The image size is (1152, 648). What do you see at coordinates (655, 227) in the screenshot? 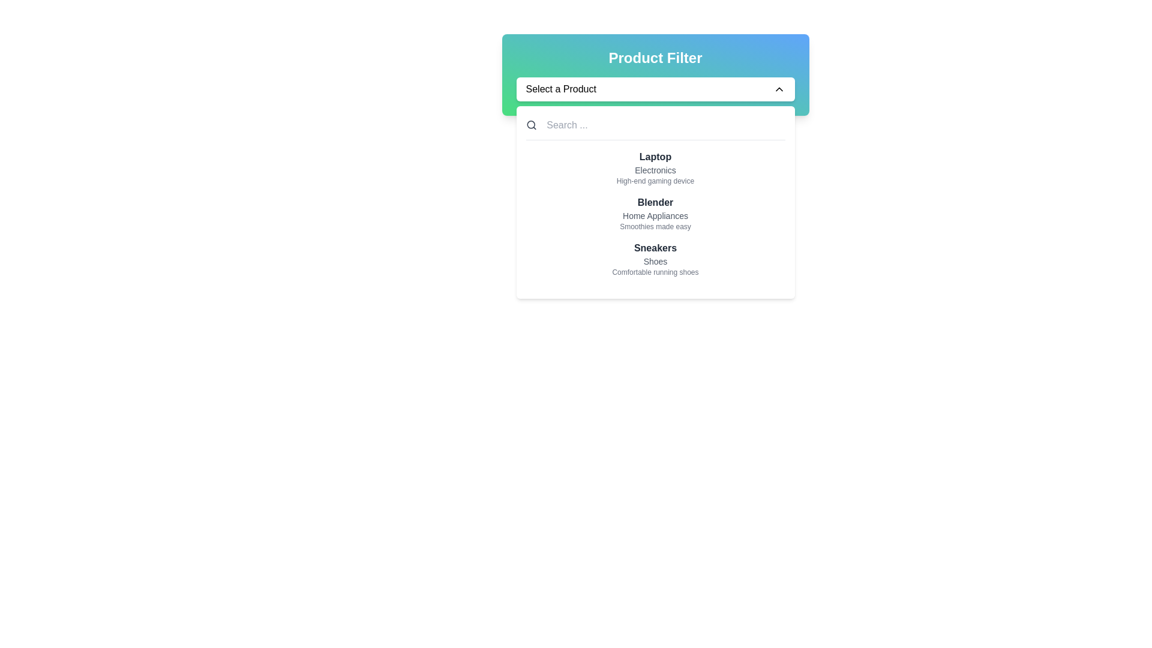
I see `the text label that reads 'Smoothies made easy', which is styled in small light gray font and located below 'Home Appliances' in the central column of the interface under 'Product Filter'` at bounding box center [655, 227].